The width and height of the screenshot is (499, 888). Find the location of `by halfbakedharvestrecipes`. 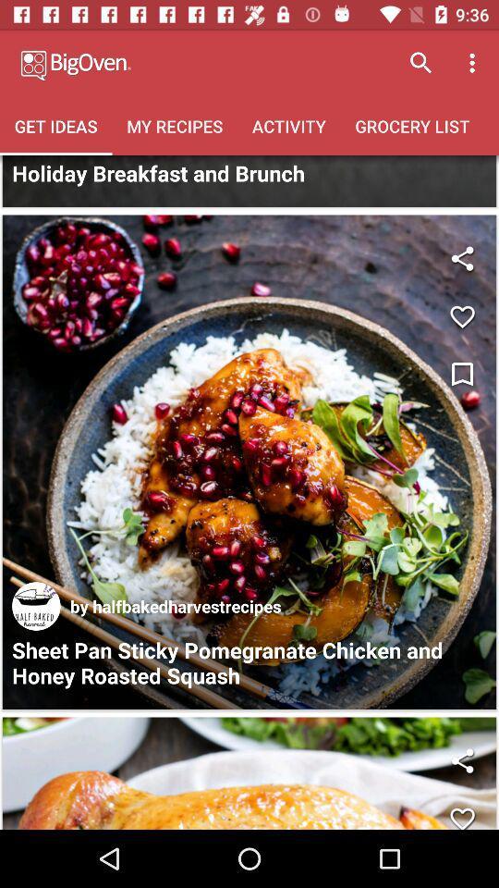

by halfbakedharvestrecipes is located at coordinates (176, 605).